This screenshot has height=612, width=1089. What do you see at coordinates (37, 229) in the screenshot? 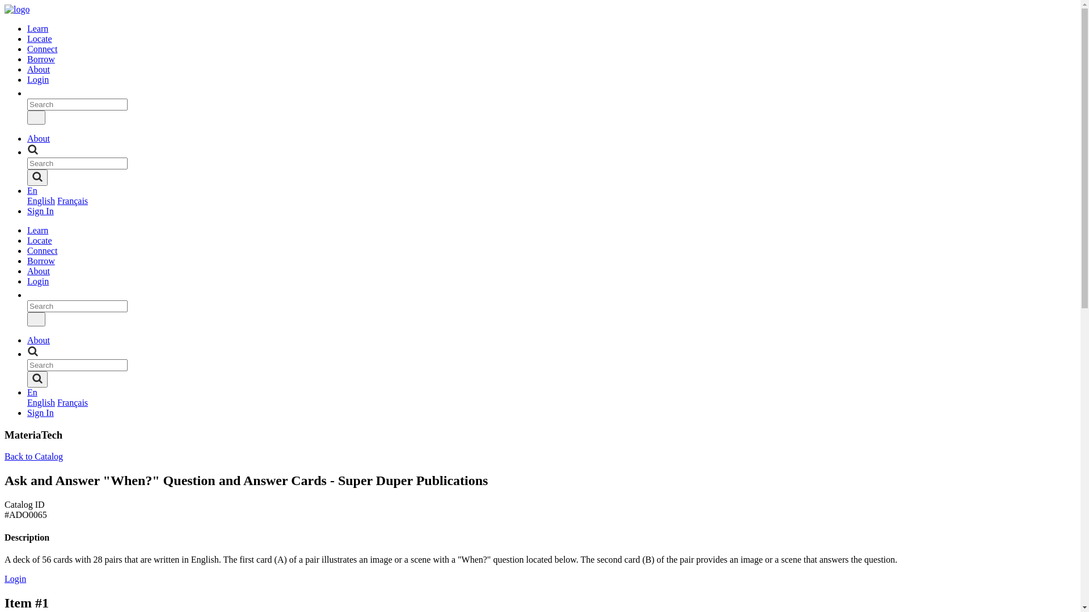
I see `'Learn'` at bounding box center [37, 229].